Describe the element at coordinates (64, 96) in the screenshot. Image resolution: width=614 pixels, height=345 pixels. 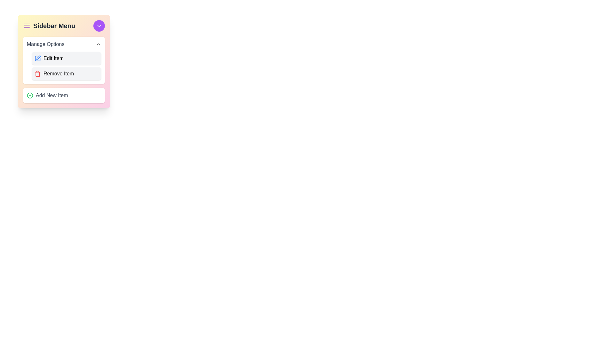
I see `the action button positioned beneath the 'Remove Item' button in the sidebar menu to initiate the addition of a new item` at that location.